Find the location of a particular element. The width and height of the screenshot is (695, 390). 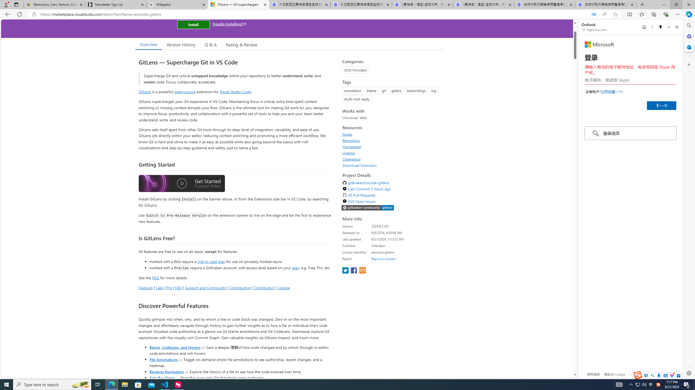

'https://slack.gitkraken.com//' is located at coordinates (367, 208).